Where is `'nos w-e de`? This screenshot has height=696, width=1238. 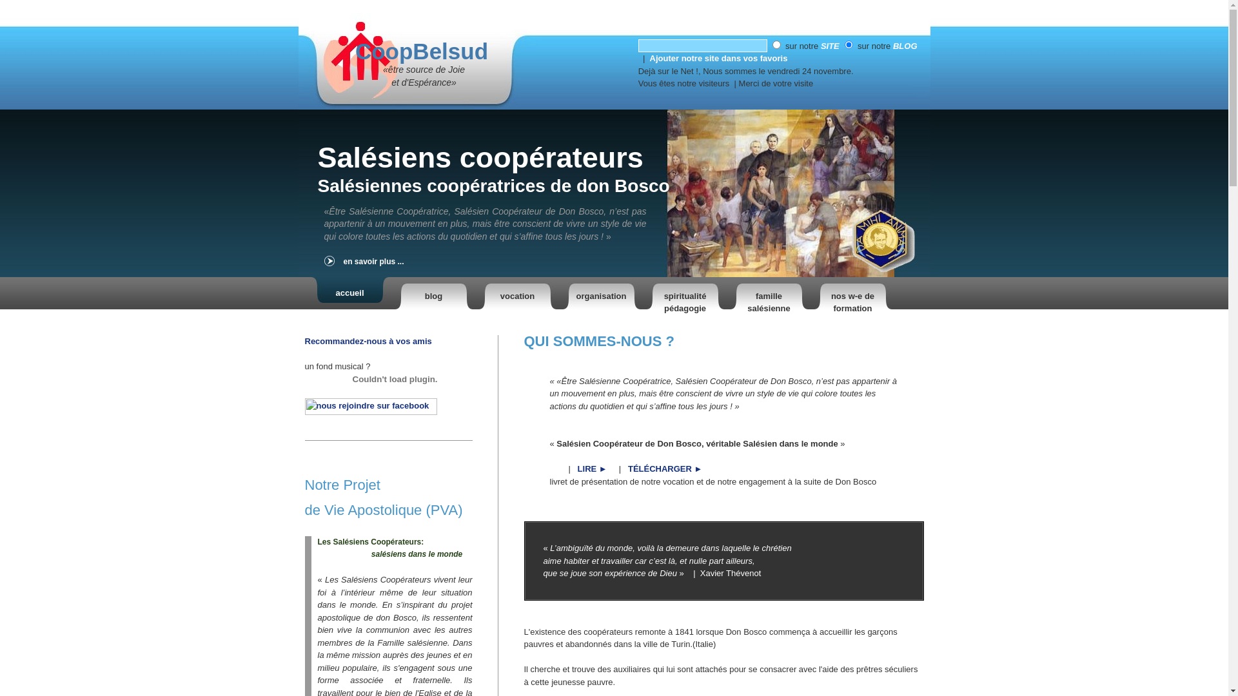
'nos w-e de is located at coordinates (813, 293).